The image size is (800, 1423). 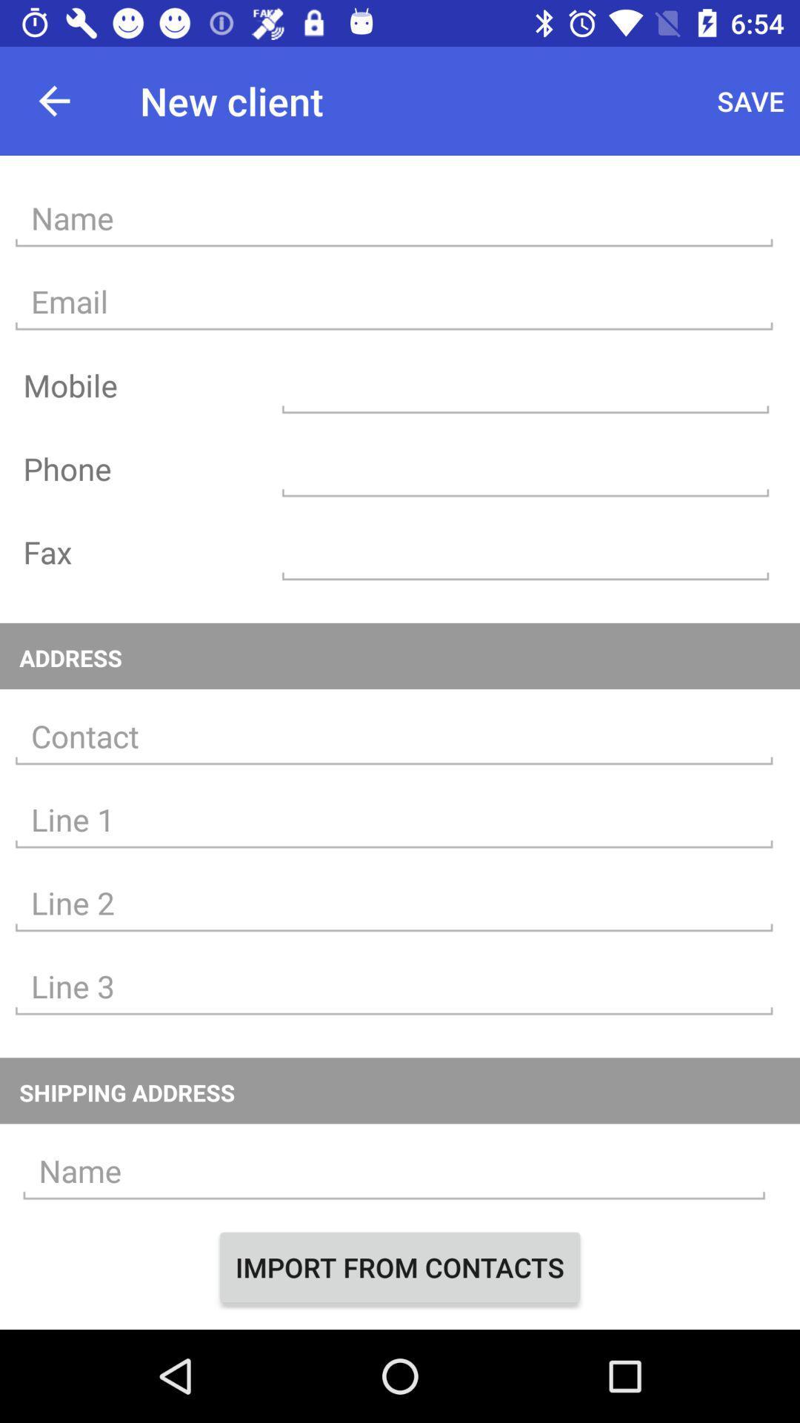 I want to click on e-mail, so click(x=393, y=301).